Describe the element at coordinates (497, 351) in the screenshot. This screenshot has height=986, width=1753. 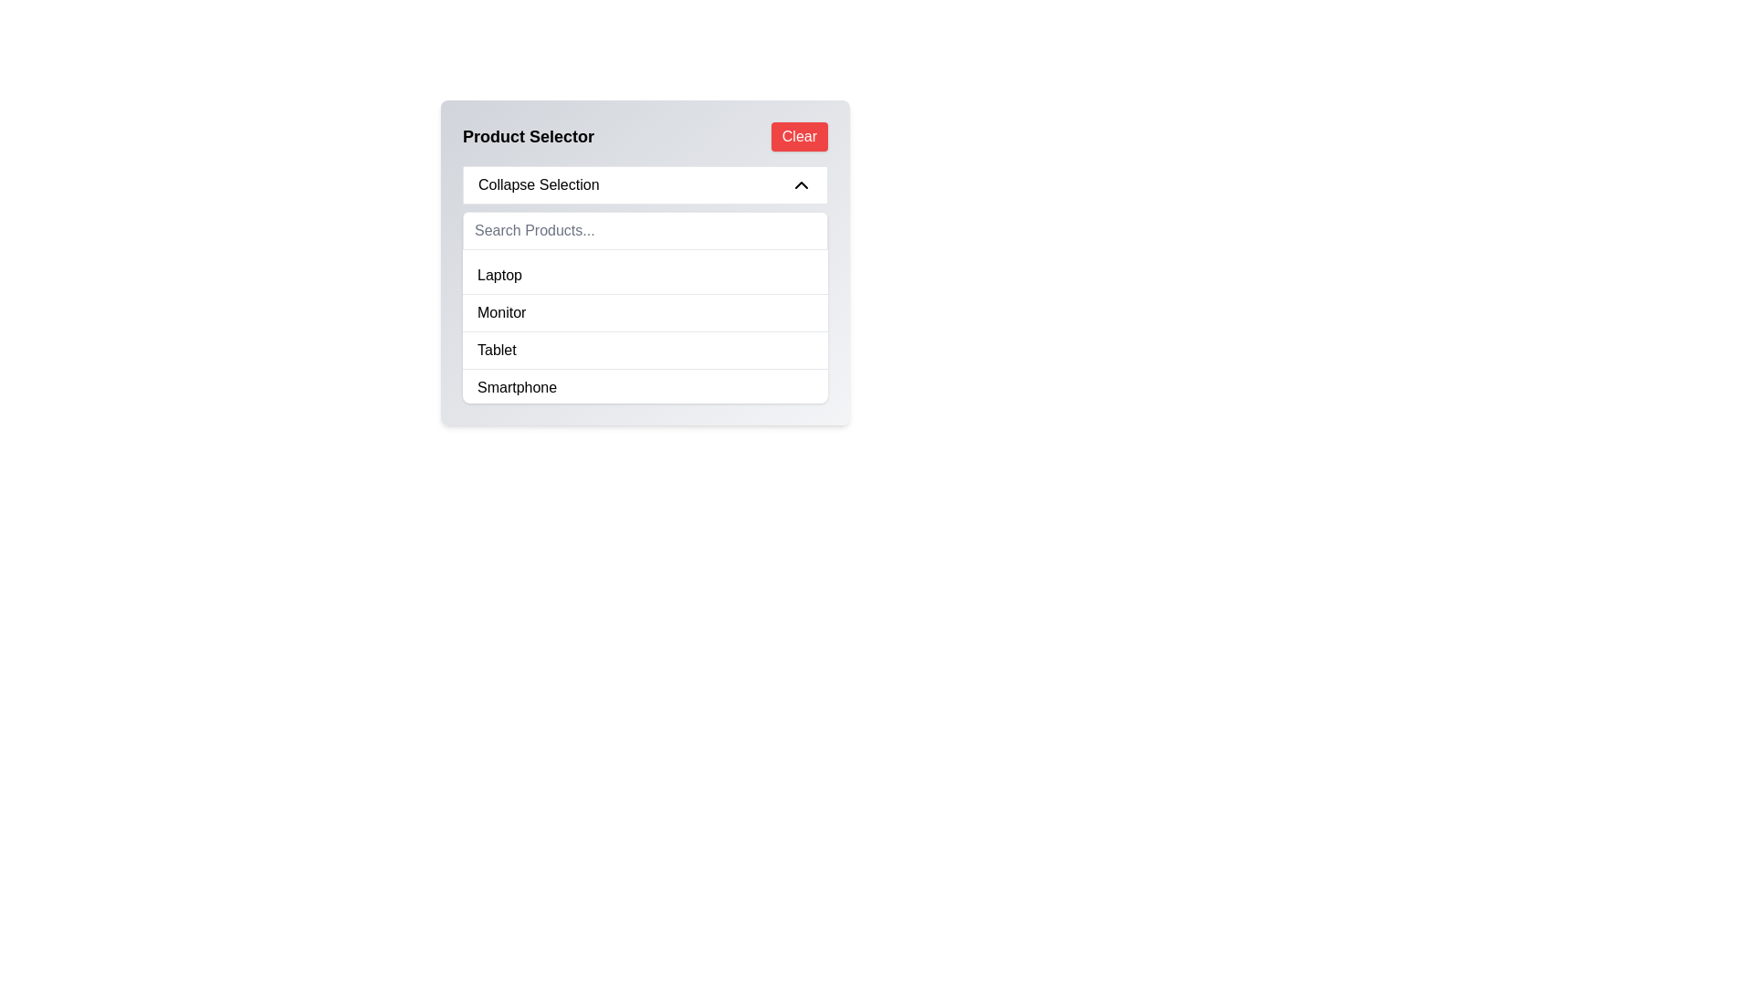
I see `the 'Tablet' selectable option within the product selector dropdown list` at that location.